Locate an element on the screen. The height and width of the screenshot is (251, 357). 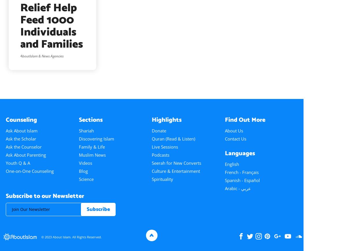
'Highlights' is located at coordinates (166, 119).